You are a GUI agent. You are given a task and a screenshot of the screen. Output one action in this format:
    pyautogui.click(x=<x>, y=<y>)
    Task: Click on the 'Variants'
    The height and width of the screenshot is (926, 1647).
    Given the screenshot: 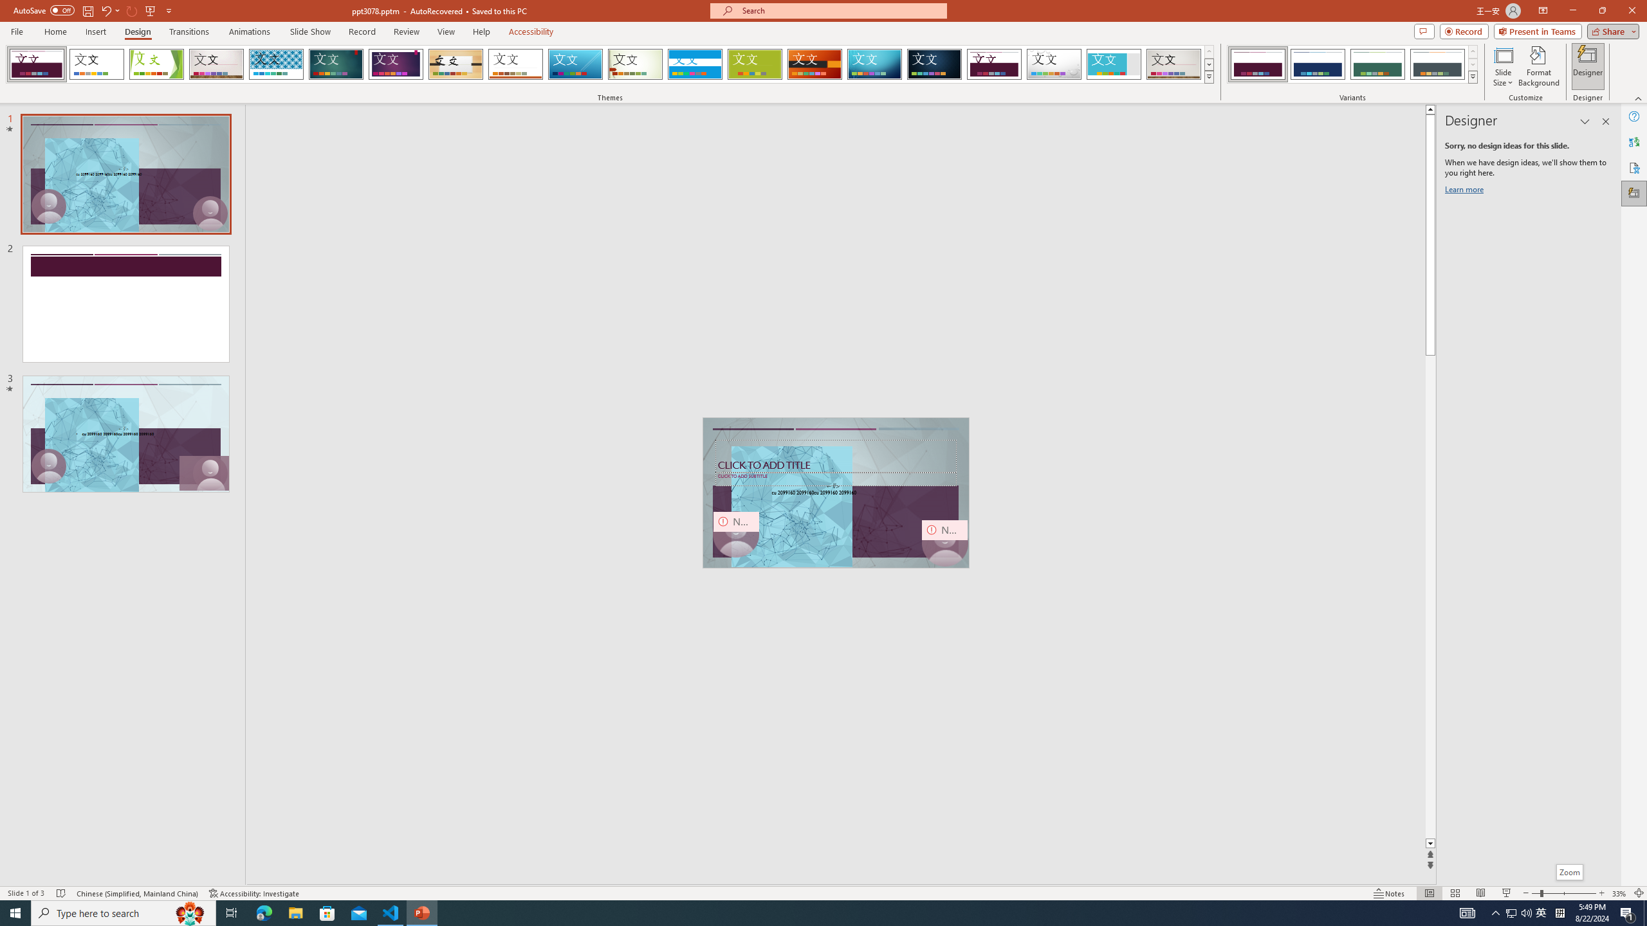 What is the action you would take?
    pyautogui.click(x=1471, y=76)
    